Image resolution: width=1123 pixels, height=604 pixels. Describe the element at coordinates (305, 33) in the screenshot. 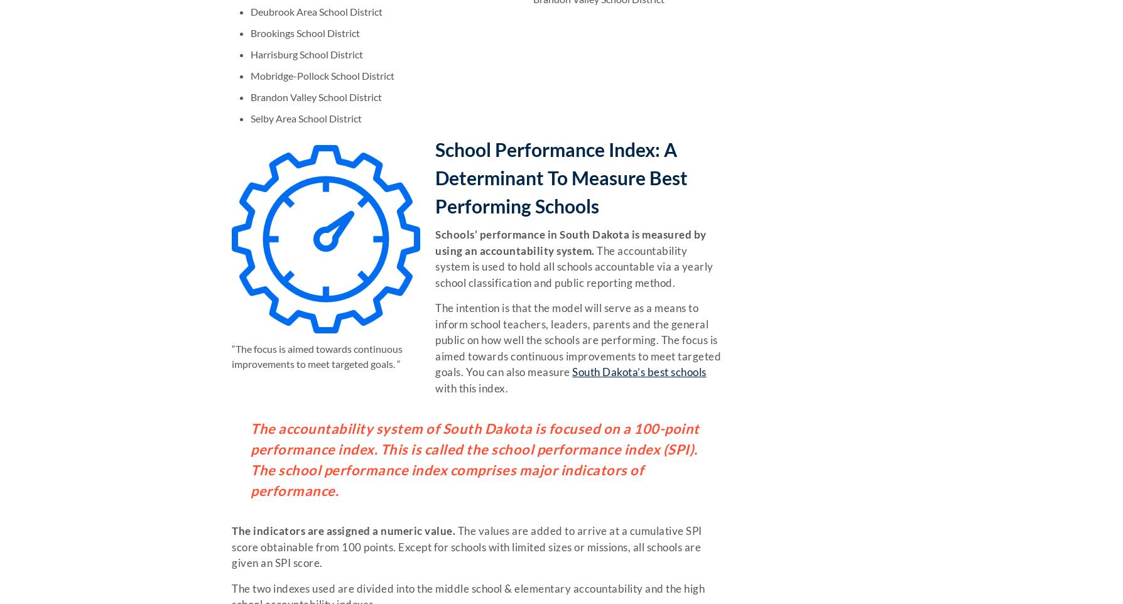

I see `'Brookings School District'` at that location.